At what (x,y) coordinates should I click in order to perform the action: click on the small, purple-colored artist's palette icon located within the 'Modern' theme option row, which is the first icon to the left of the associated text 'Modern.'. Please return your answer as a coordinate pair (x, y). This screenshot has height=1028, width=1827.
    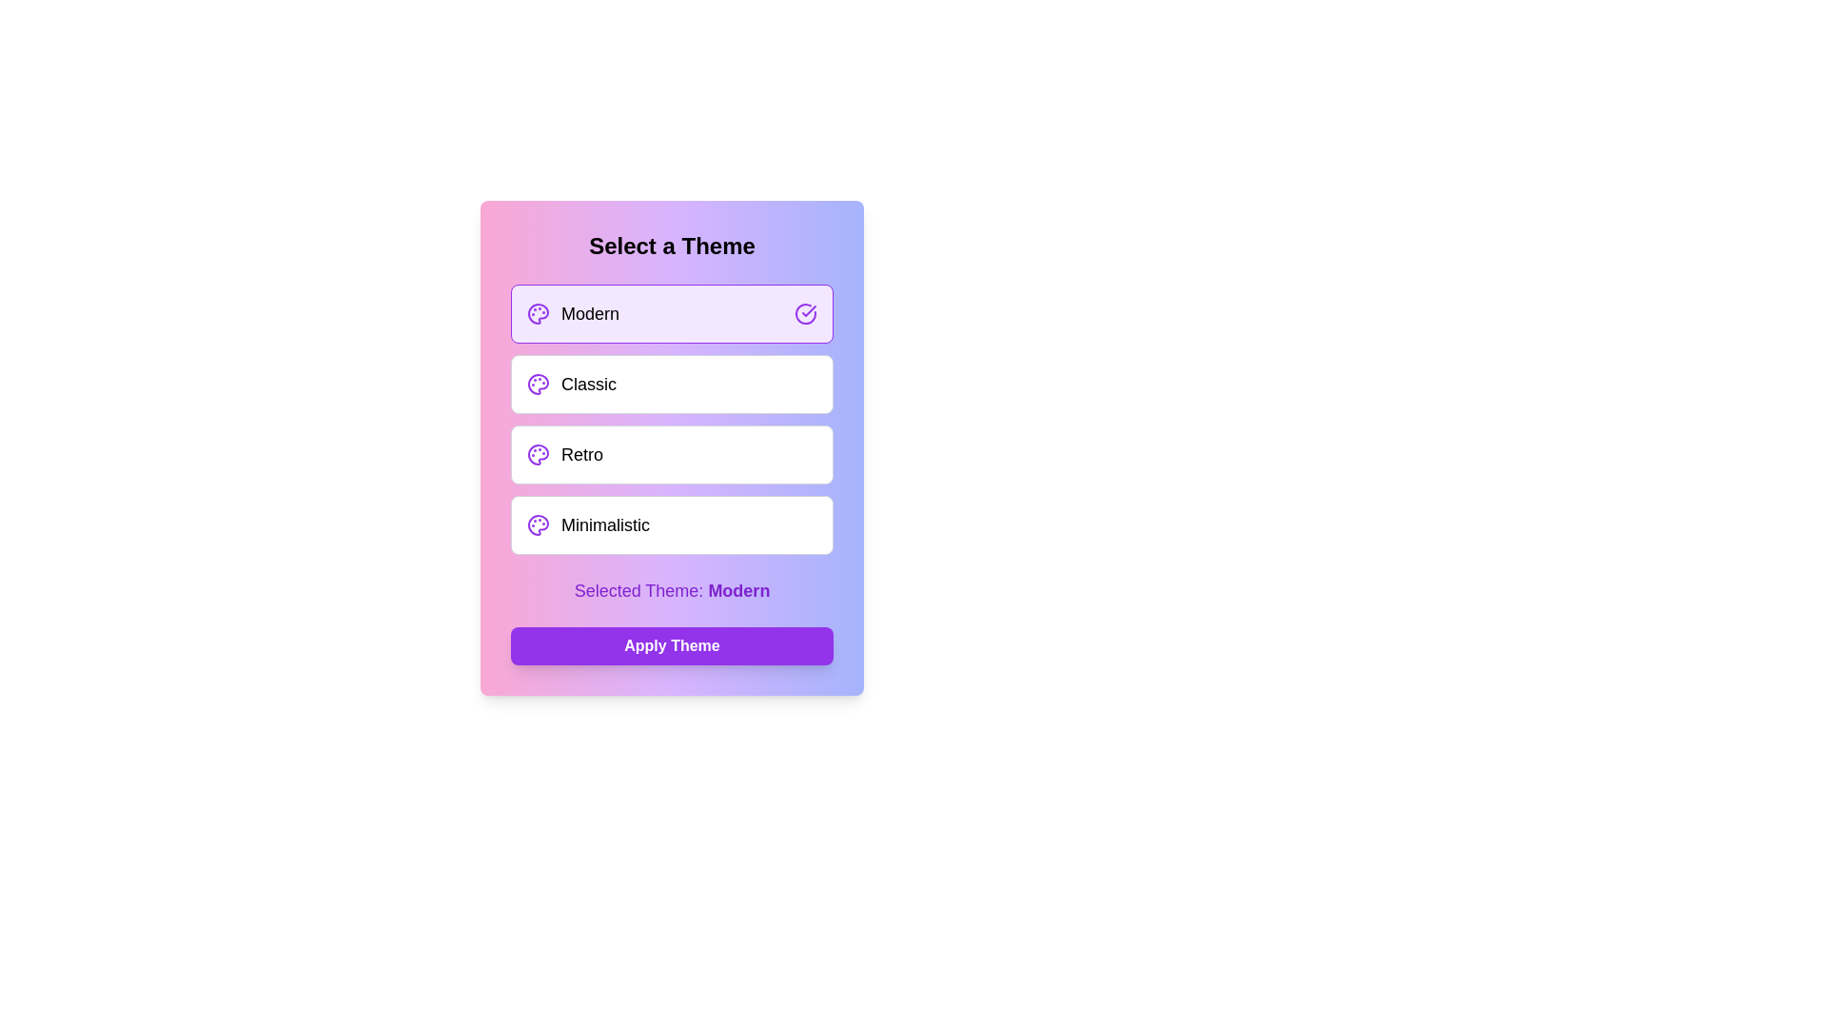
    Looking at the image, I should click on (538, 313).